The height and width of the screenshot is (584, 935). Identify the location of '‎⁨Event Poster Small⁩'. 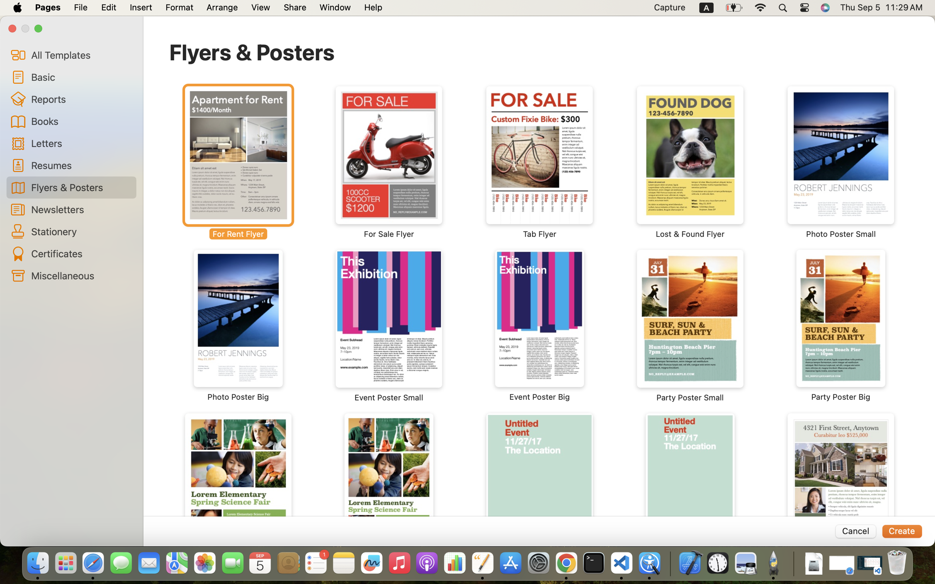
(389, 326).